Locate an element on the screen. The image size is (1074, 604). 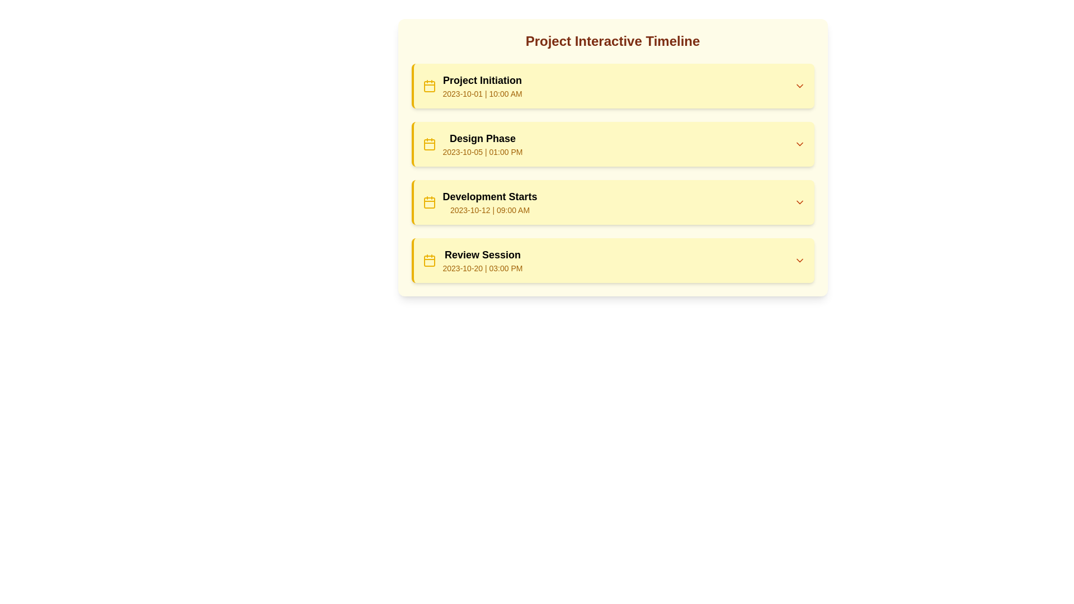
the calendar icon located in the second row of the interactive timeline list, preceding the text 'Design Phase' is located at coordinates (428, 144).